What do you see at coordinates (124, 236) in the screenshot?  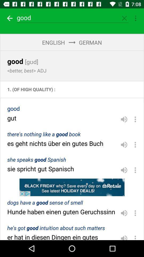 I see `volume option` at bounding box center [124, 236].